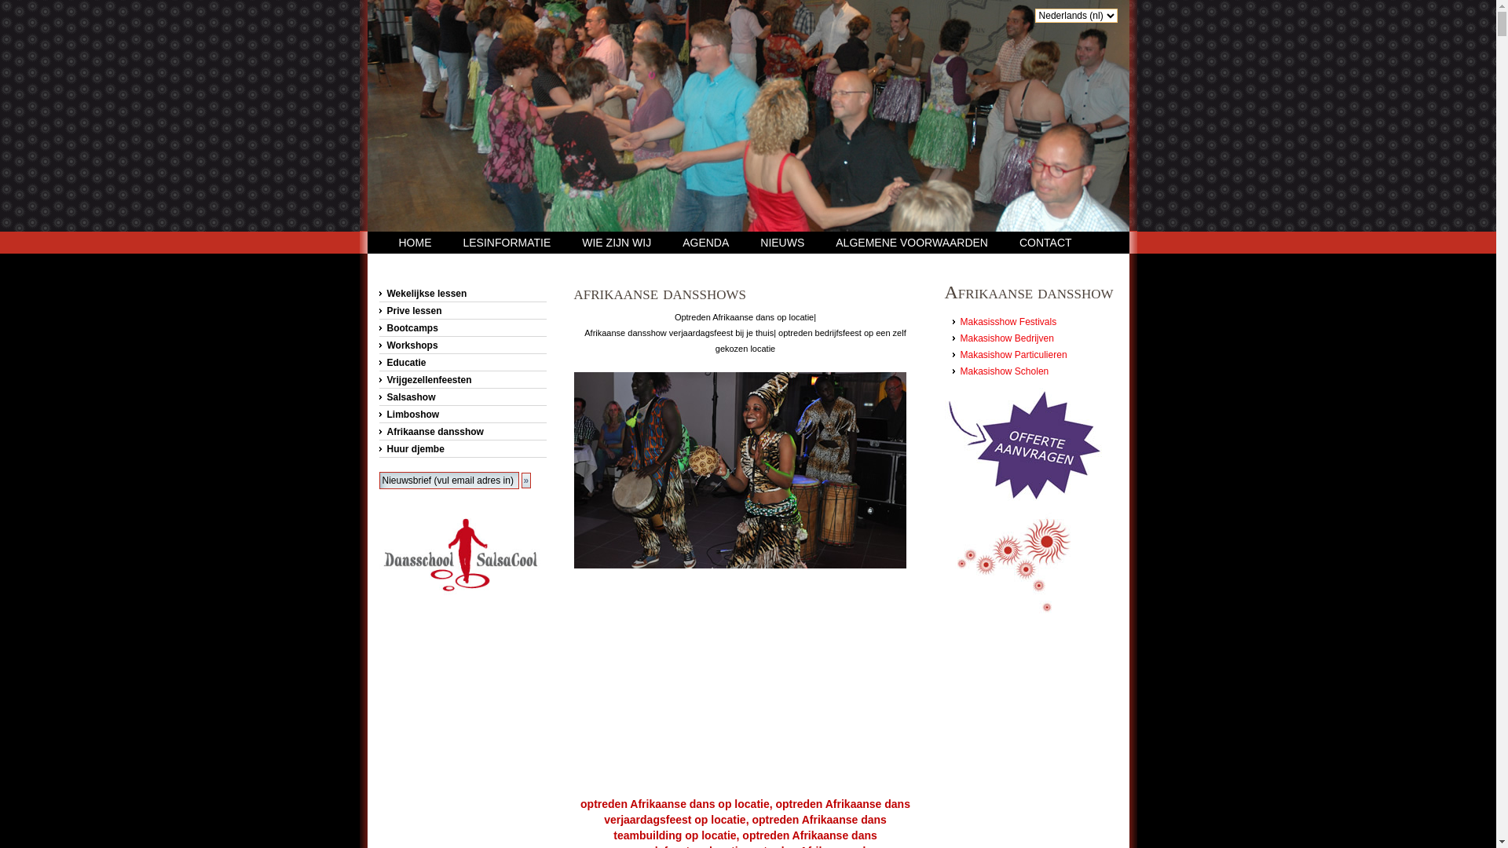 Image resolution: width=1508 pixels, height=848 pixels. I want to click on 'Vrijgezellenfeesten', so click(461, 379).